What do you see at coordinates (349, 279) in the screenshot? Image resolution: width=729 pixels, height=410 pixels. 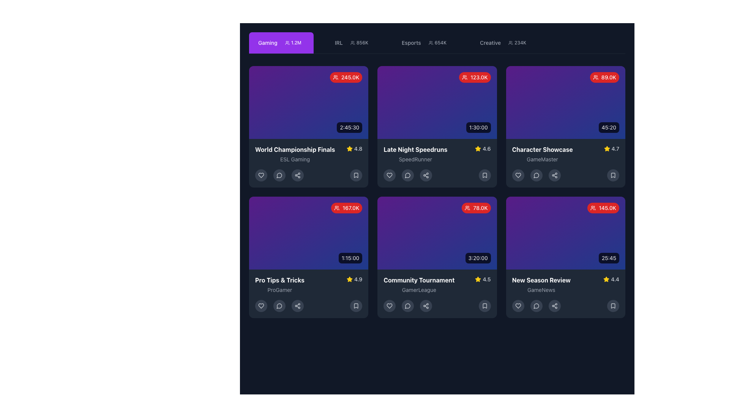 I see `the vibrant yellow five-point star icon located at the top right corner of the 'Late Night Speedruns' card for interactions` at bounding box center [349, 279].